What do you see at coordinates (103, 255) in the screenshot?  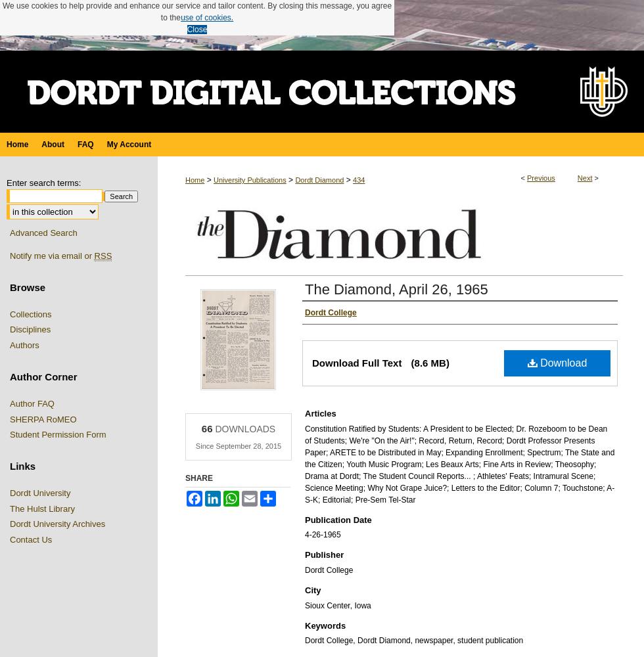 I see `'RSS'` at bounding box center [103, 255].